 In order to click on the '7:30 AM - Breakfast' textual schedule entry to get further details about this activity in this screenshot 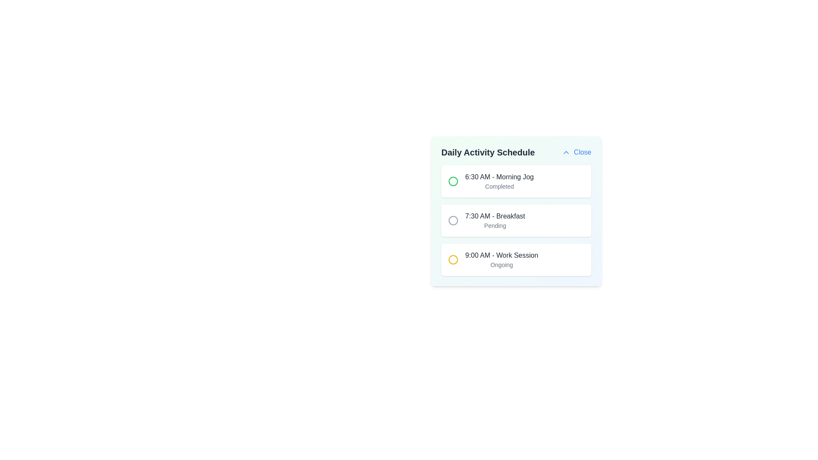, I will do `click(495, 220)`.